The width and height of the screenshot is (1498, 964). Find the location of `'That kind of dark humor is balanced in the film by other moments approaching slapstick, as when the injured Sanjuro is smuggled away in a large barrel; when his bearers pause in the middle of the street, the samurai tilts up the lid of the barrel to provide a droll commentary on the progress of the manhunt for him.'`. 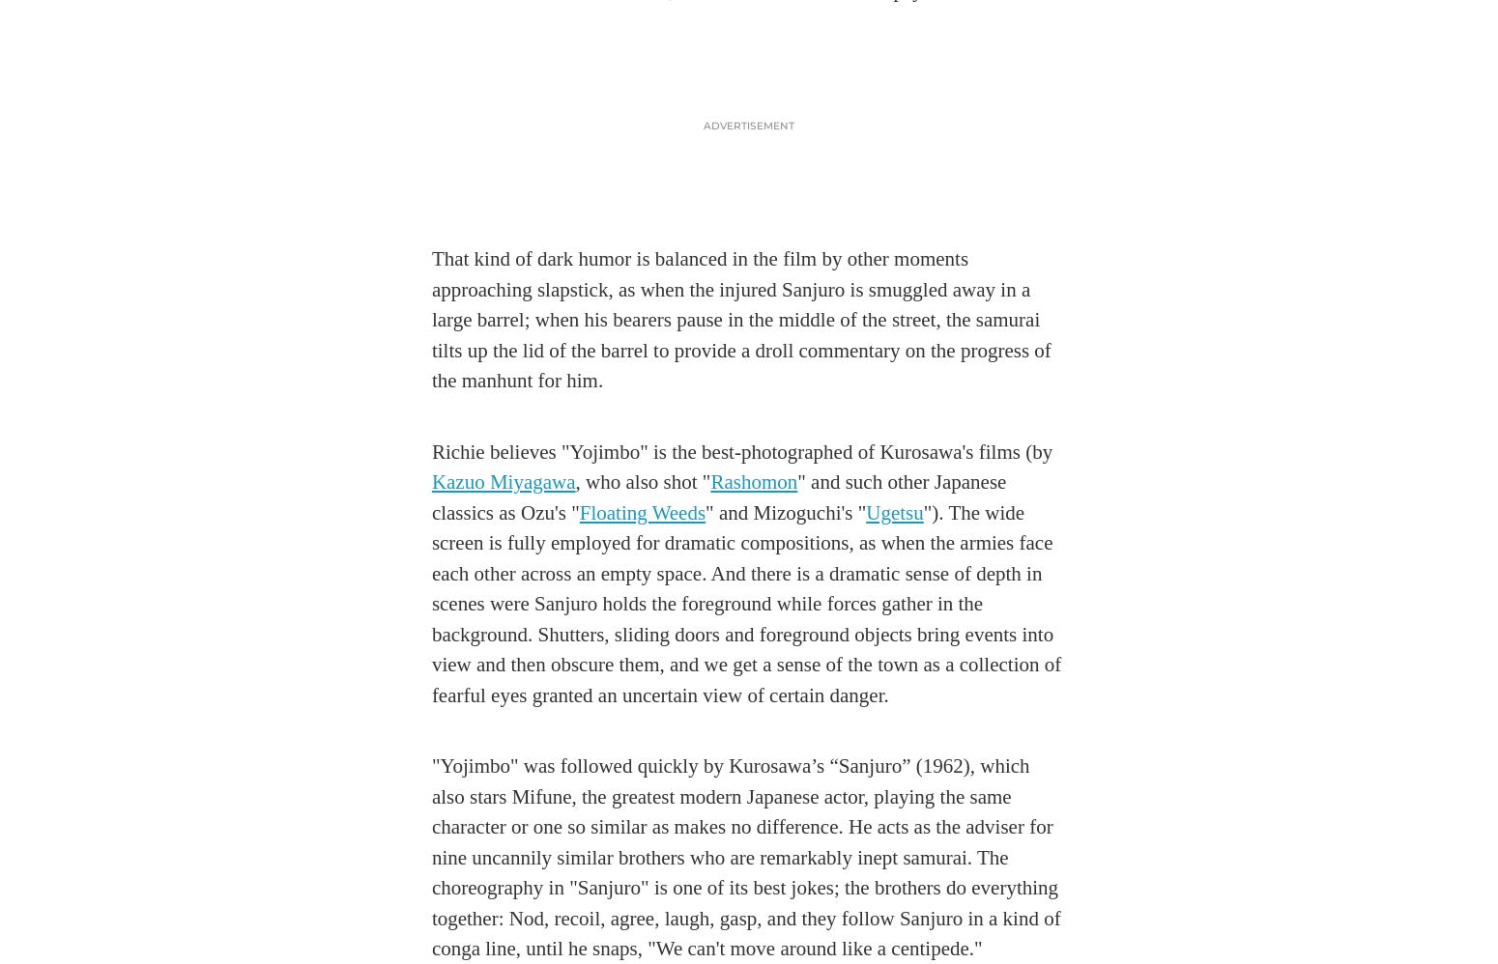

'That kind of dark humor is balanced in the film by other moments approaching slapstick, as when the injured Sanjuro is smuggled away in a large barrel; when his bearers pause in the middle of the street, the samurai tilts up the lid of the barrel to provide a droll commentary on the progress of the manhunt for him.' is located at coordinates (430, 320).